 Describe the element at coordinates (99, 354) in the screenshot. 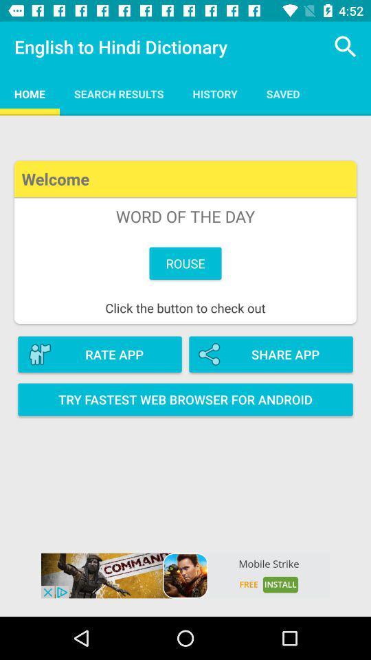

I see `the text left to share app` at that location.